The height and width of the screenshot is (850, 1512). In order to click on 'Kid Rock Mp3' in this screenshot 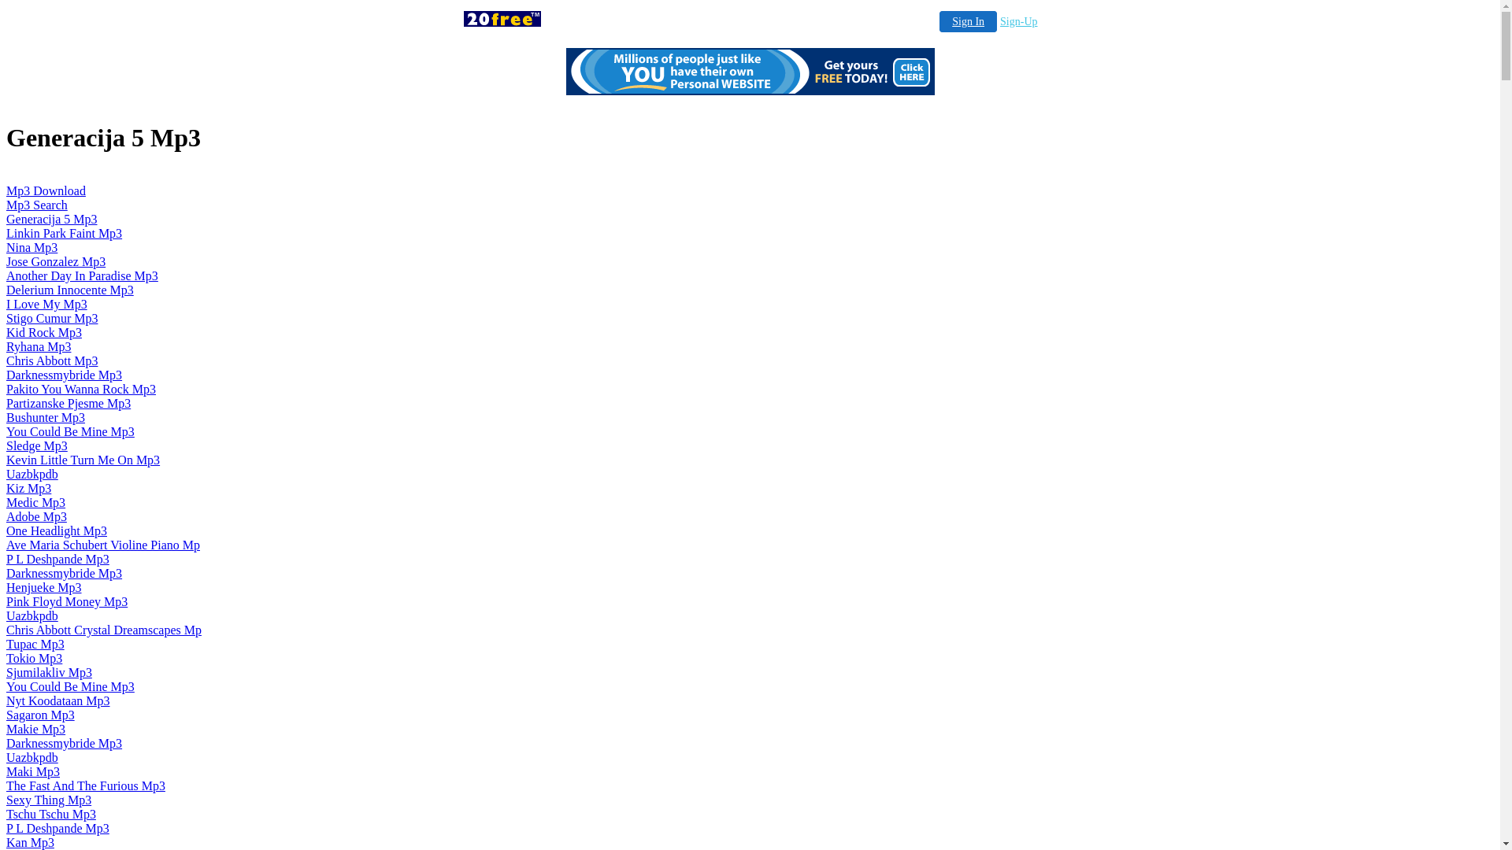, I will do `click(44, 331)`.